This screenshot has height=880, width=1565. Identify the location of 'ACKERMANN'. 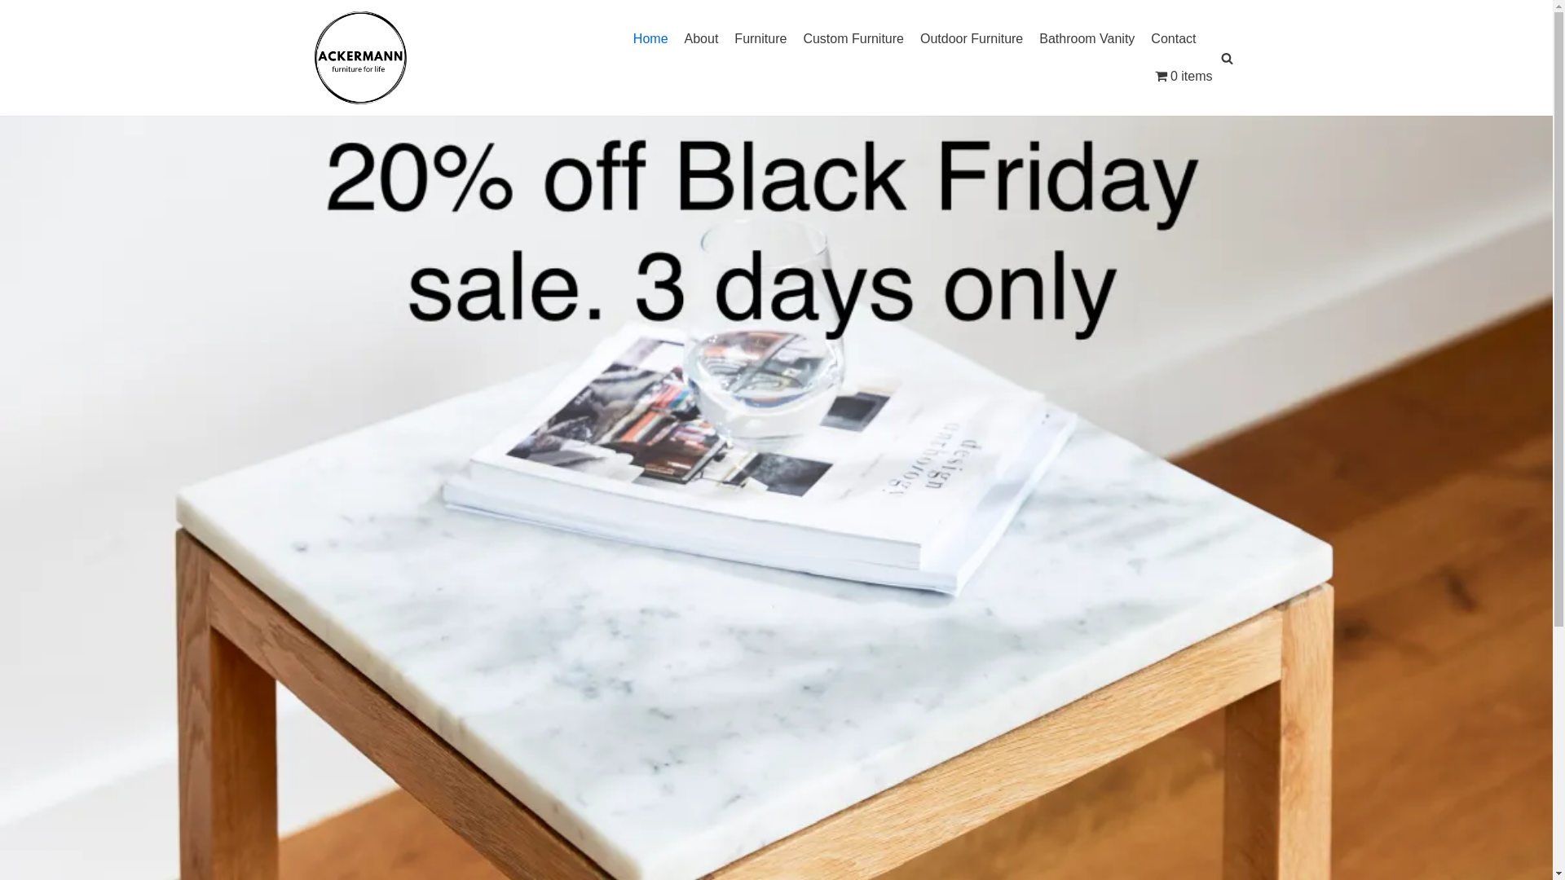
(359, 56).